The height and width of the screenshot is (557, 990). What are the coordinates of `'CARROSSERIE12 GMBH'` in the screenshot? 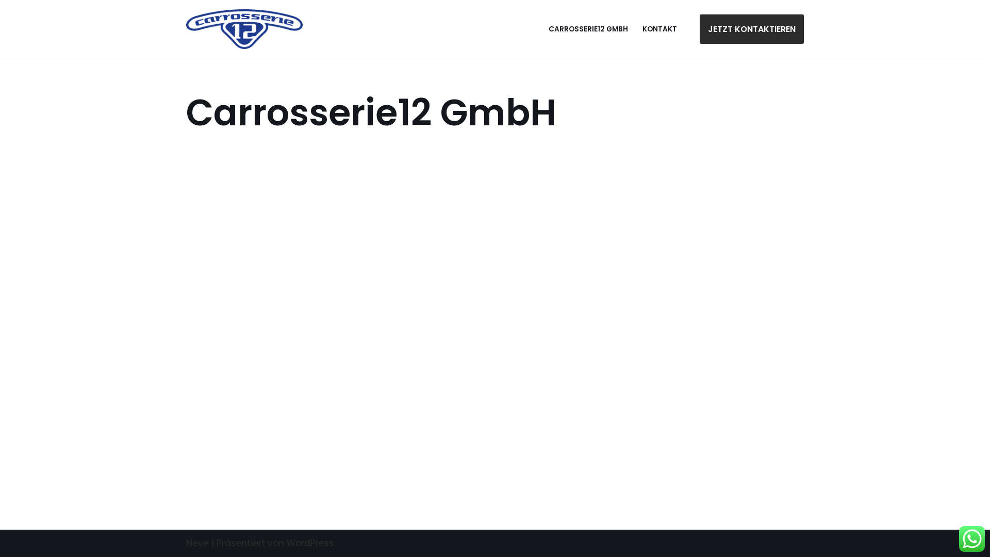 It's located at (588, 28).